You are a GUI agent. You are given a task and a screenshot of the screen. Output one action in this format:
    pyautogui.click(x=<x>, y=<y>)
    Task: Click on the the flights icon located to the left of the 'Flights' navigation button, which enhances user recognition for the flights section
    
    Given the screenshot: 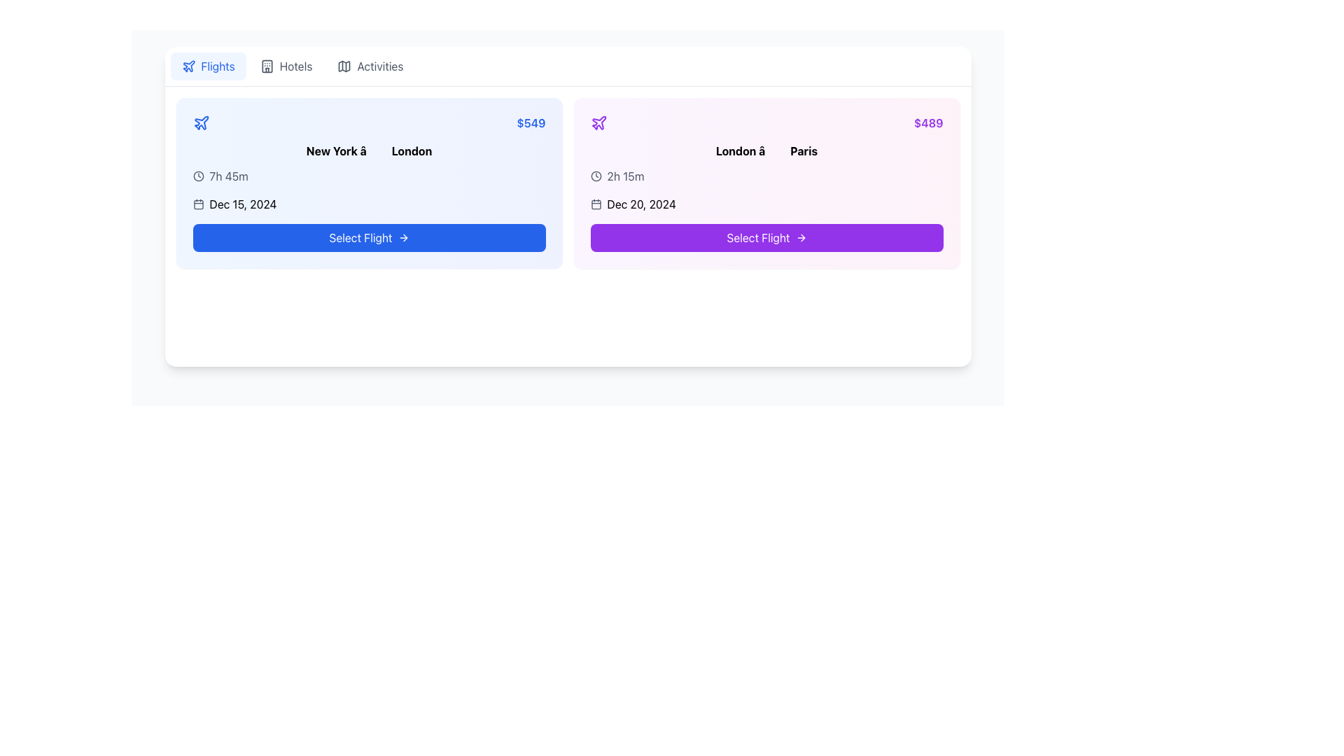 What is the action you would take?
    pyautogui.click(x=188, y=66)
    